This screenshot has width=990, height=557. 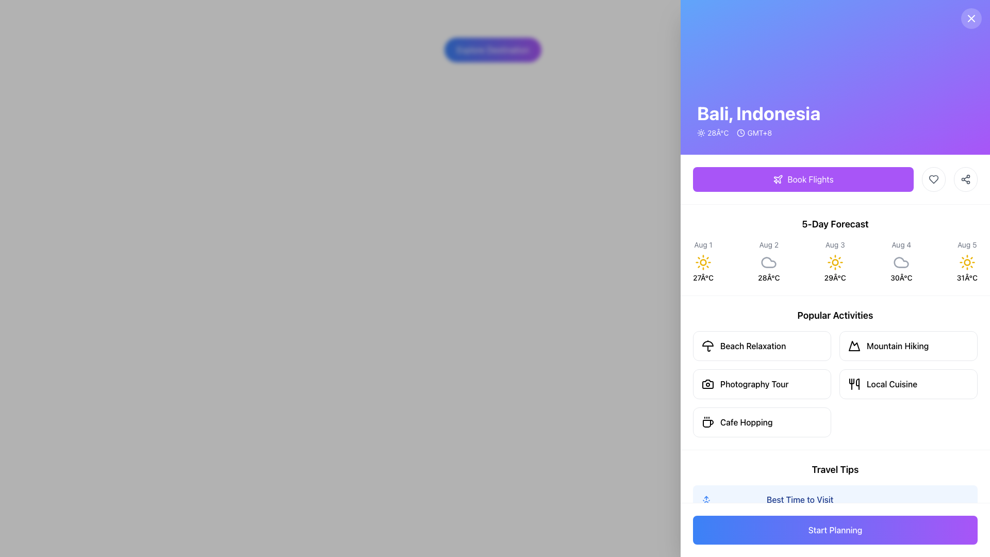 What do you see at coordinates (901, 277) in the screenshot?
I see `the text label displaying '30°C' located beneath the weather icon in the weather forecast card for the day 'Aug 4'` at bounding box center [901, 277].